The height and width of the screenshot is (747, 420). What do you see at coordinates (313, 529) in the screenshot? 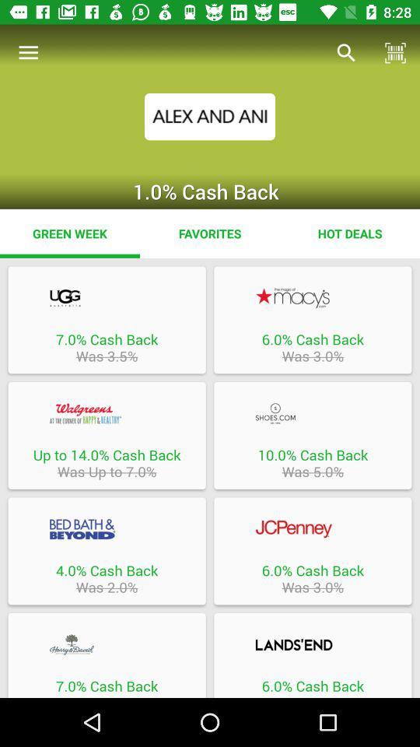
I see `open the brand jcpenny` at bounding box center [313, 529].